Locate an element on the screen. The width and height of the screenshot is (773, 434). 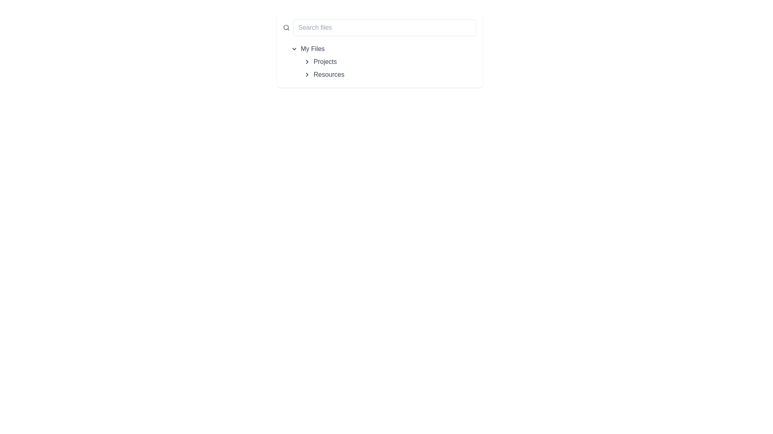
the magnifying glass icon to initiate a search is located at coordinates (286, 27).